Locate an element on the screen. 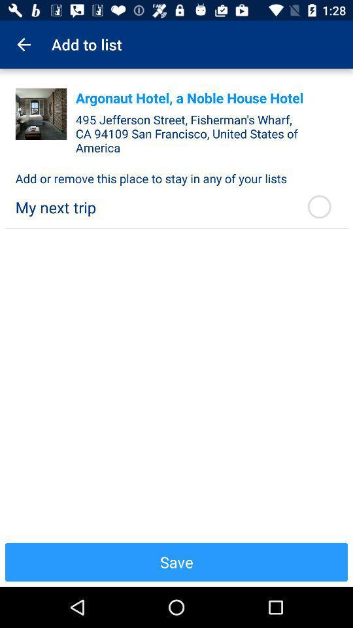  the icon below the add or remove is located at coordinates (318, 207).